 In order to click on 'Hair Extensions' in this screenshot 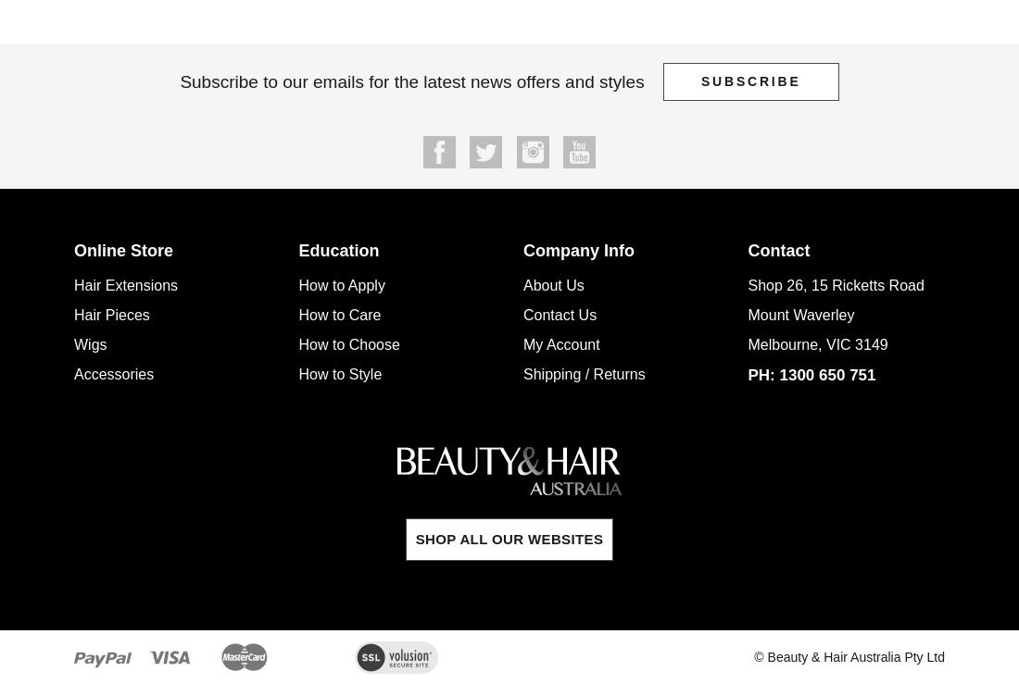, I will do `click(125, 284)`.